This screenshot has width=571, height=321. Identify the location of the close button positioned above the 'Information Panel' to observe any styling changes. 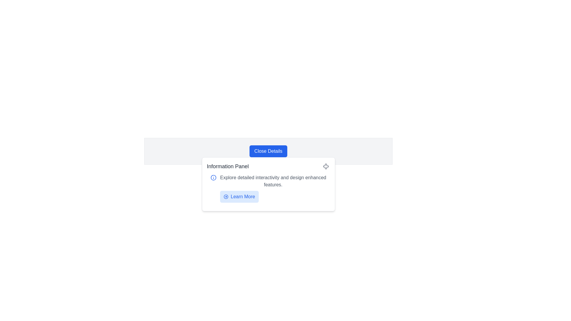
(268, 151).